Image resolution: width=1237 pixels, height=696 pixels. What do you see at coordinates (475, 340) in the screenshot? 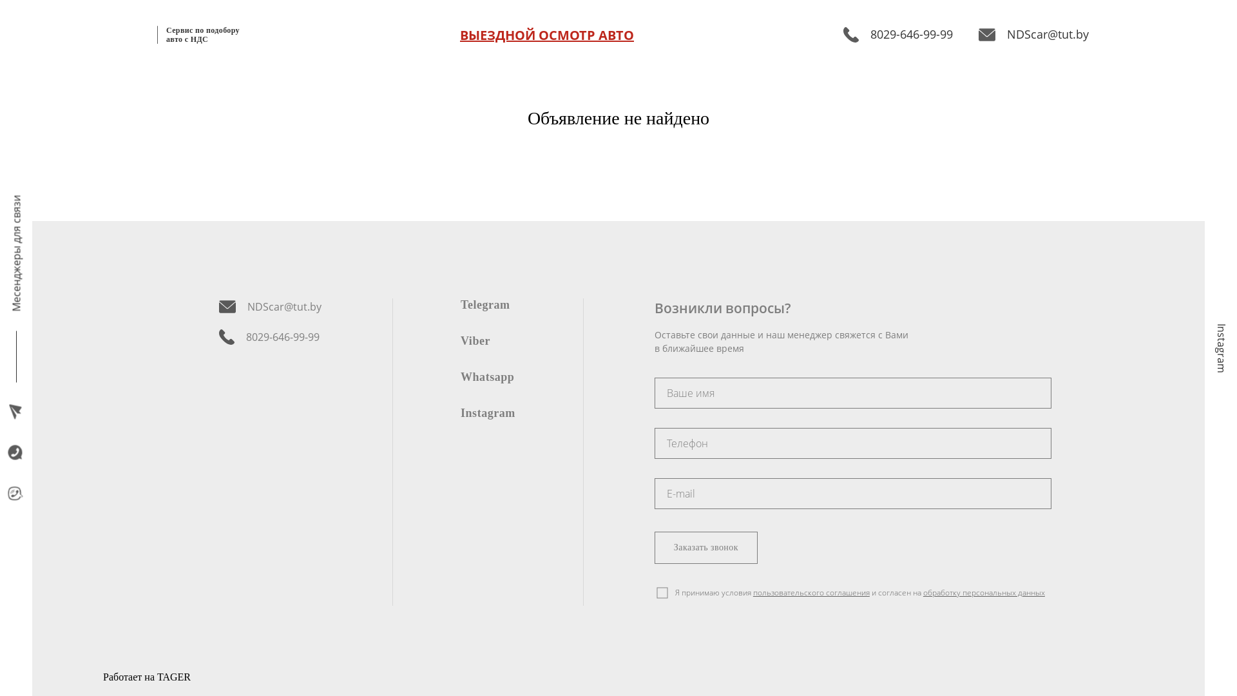
I see `'Viber'` at bounding box center [475, 340].